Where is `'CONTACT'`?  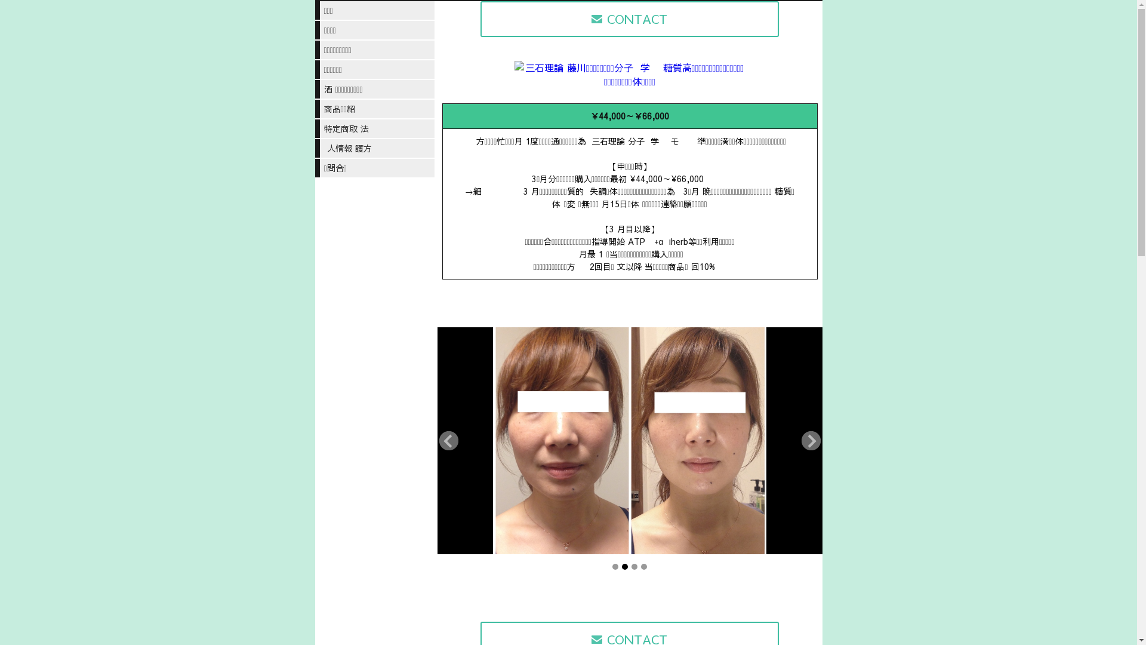 'CONTACT' is located at coordinates (480, 19).